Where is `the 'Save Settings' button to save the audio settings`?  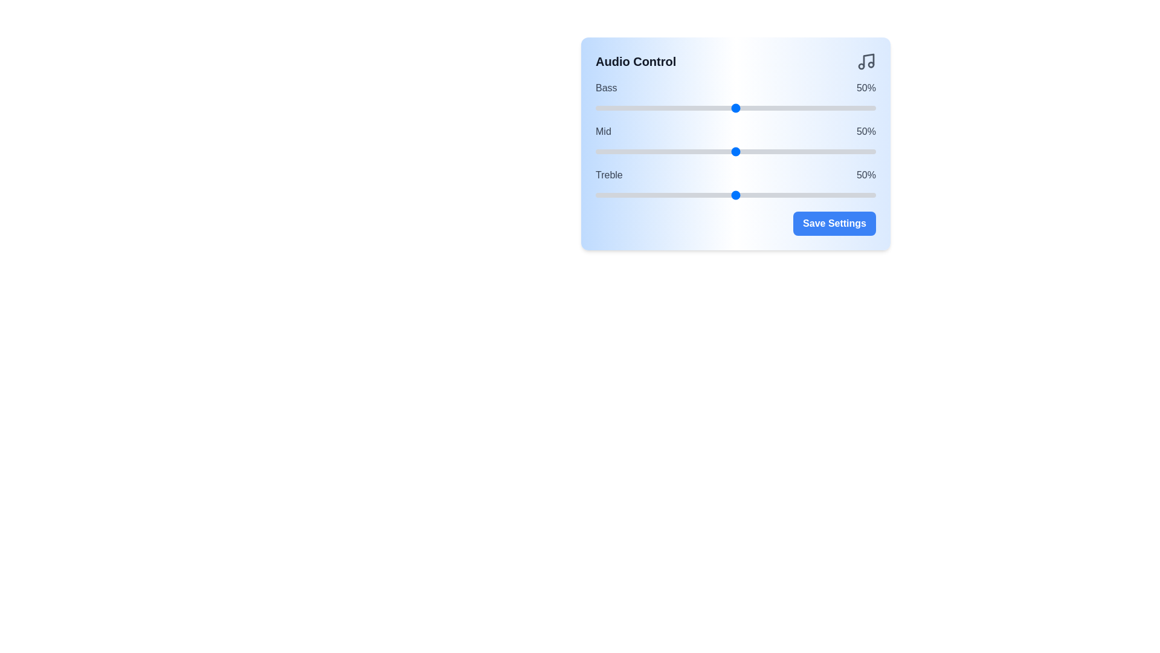 the 'Save Settings' button to save the audio settings is located at coordinates (834, 224).